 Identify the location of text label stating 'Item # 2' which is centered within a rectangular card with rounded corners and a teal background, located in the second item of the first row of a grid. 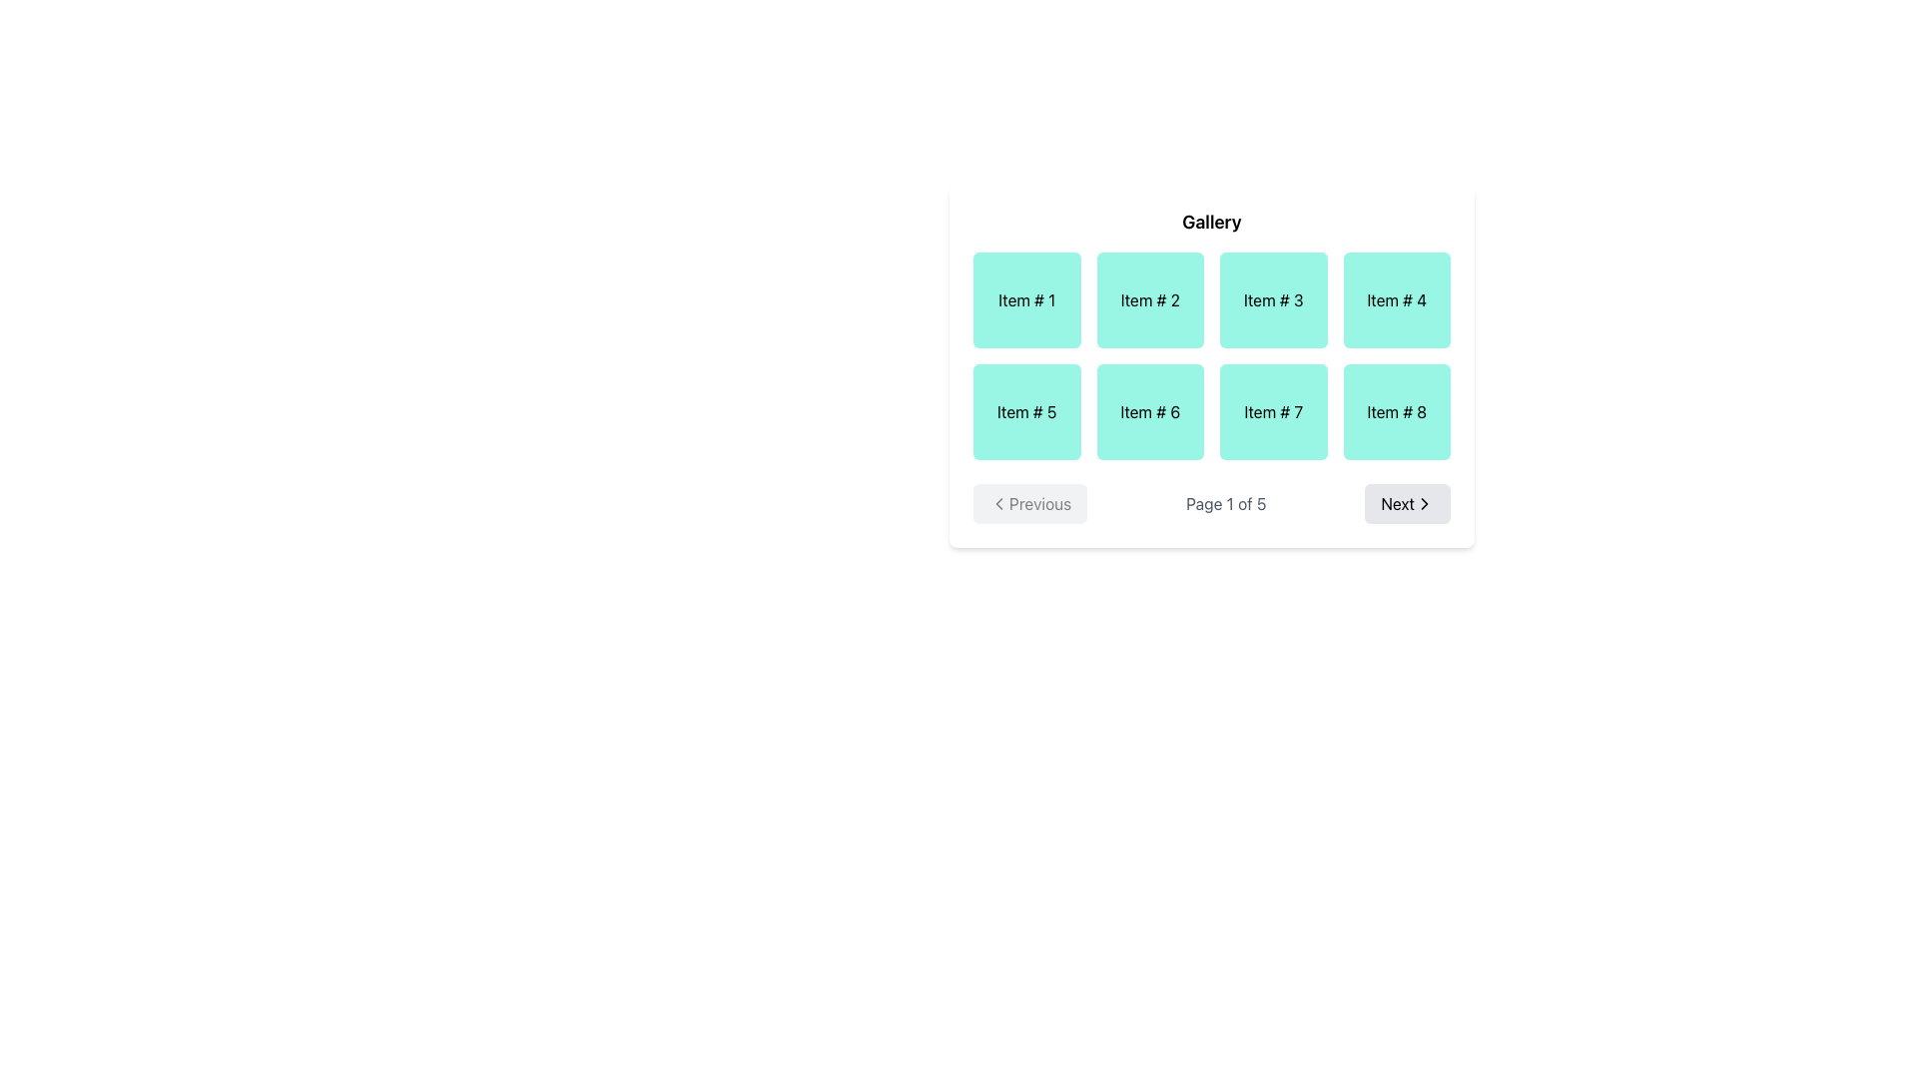
(1150, 299).